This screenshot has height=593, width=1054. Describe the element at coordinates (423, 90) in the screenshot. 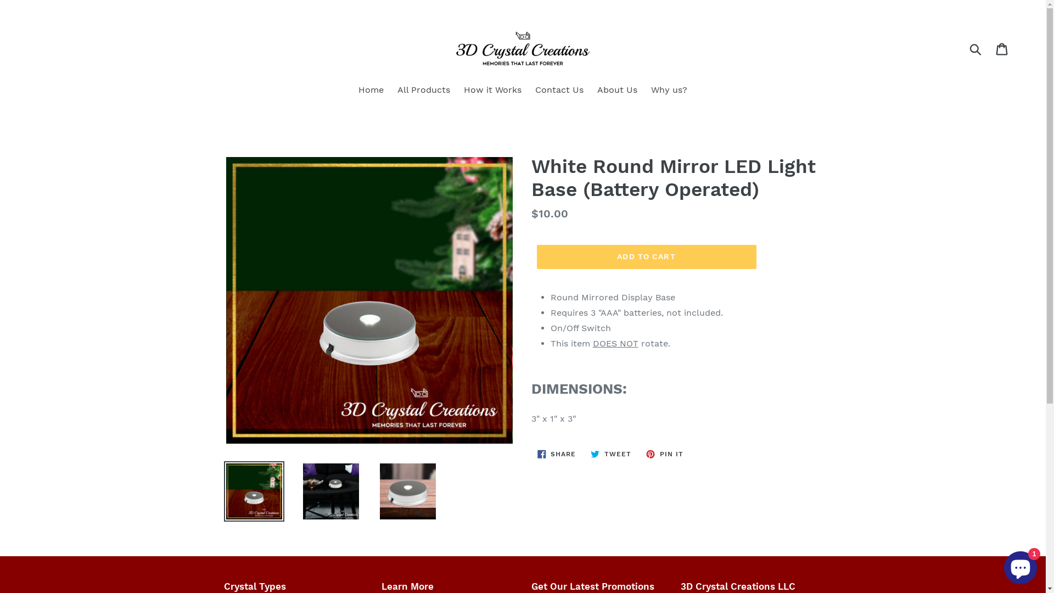

I see `'All Products'` at that location.